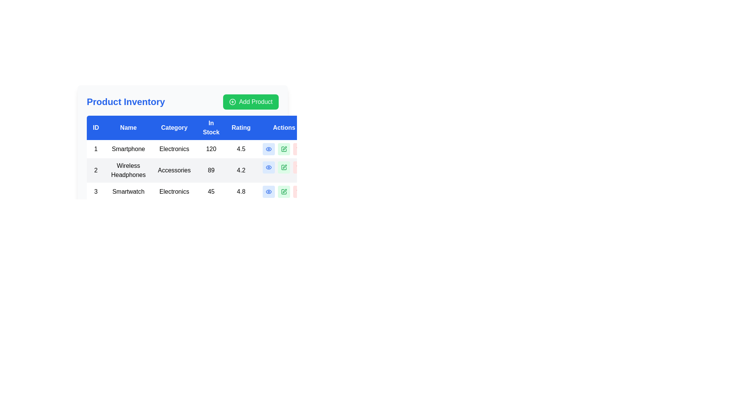  What do you see at coordinates (241, 191) in the screenshot?
I see `the Text display showing the rating of the product 'Smartwatch', located in the fifth column of the third row in the table, adjacent to the value '45'` at bounding box center [241, 191].